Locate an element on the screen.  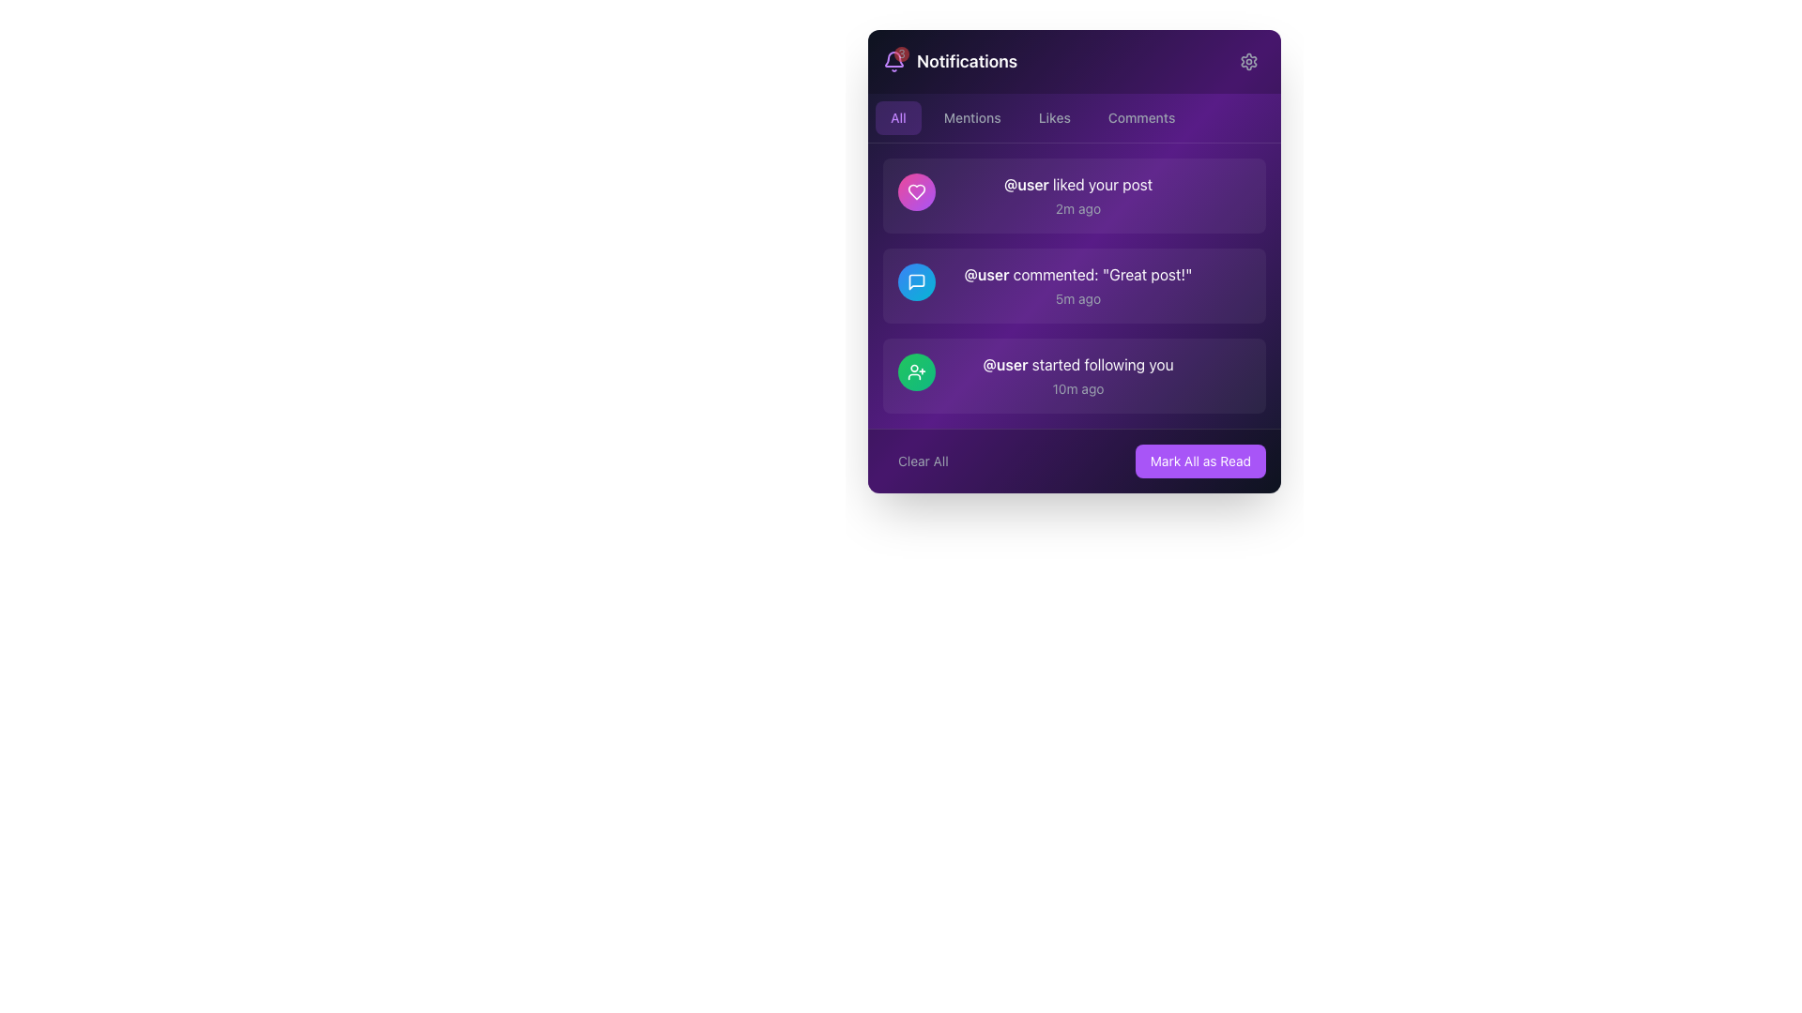
the button that clears all notifications, located on the left-hand side of the bottom section of the notification menu is located at coordinates (923, 461).